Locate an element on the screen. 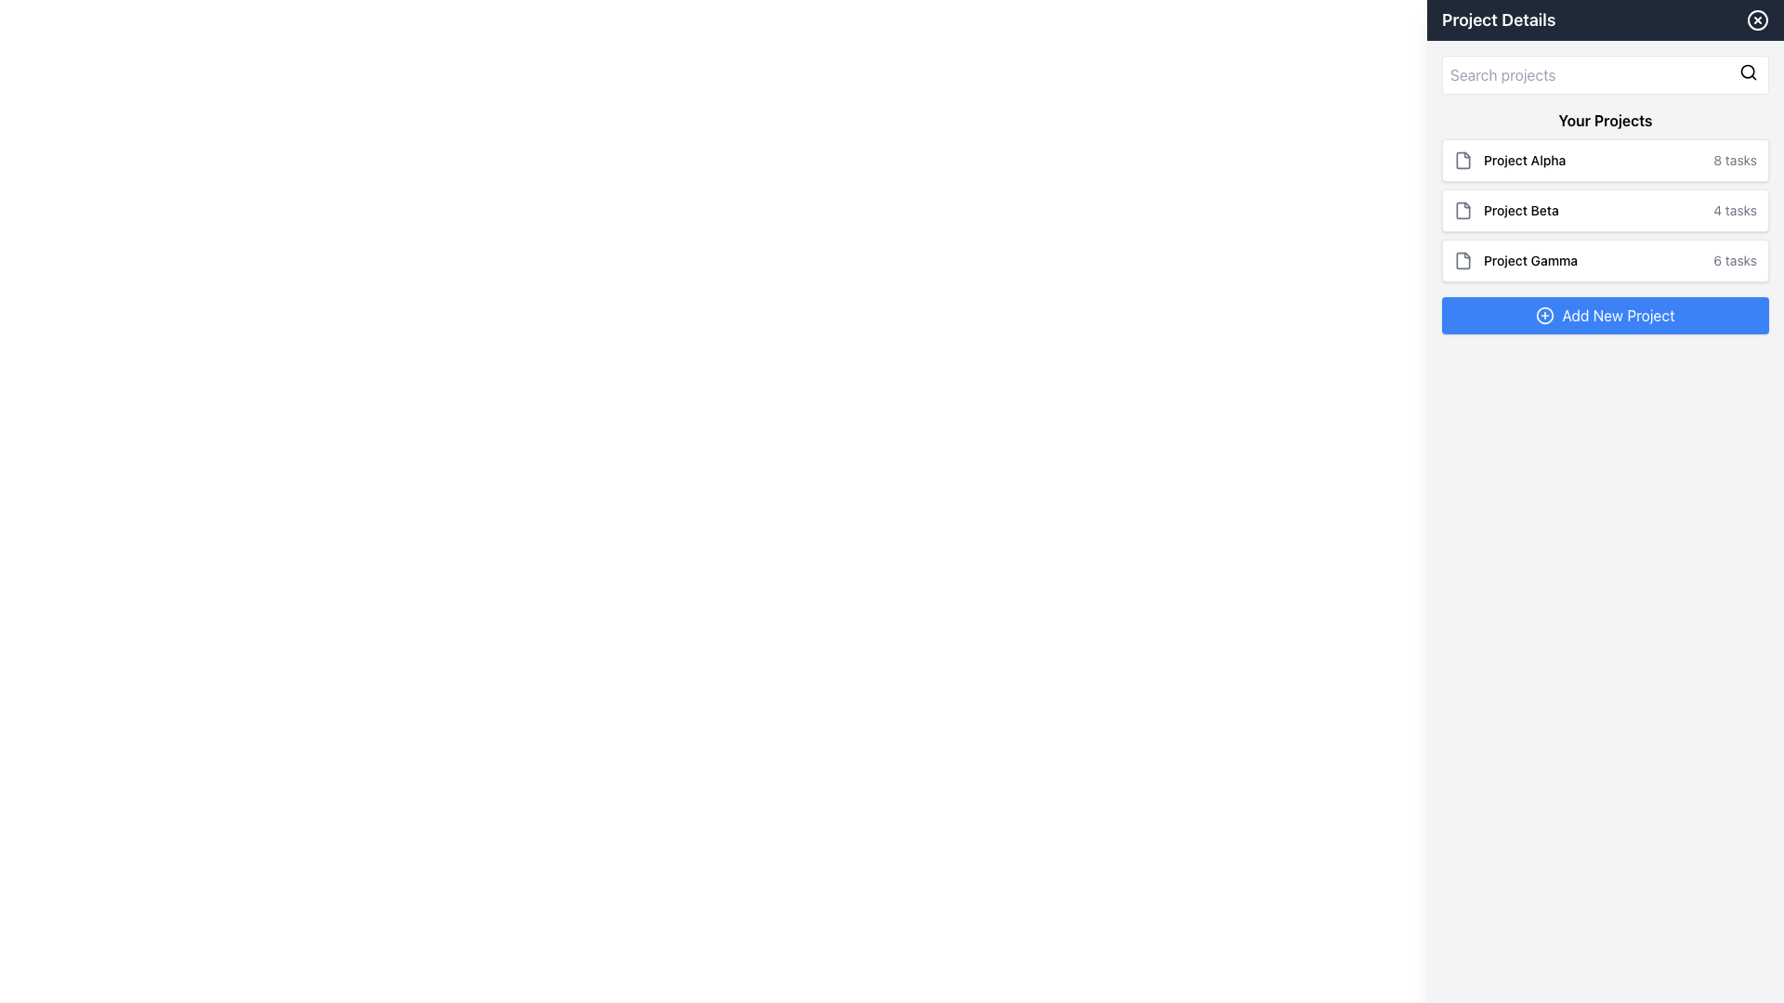  the folder icon representing 'Project Beta' in the right-side panel labeled 'Project Details' is located at coordinates (1462, 210).